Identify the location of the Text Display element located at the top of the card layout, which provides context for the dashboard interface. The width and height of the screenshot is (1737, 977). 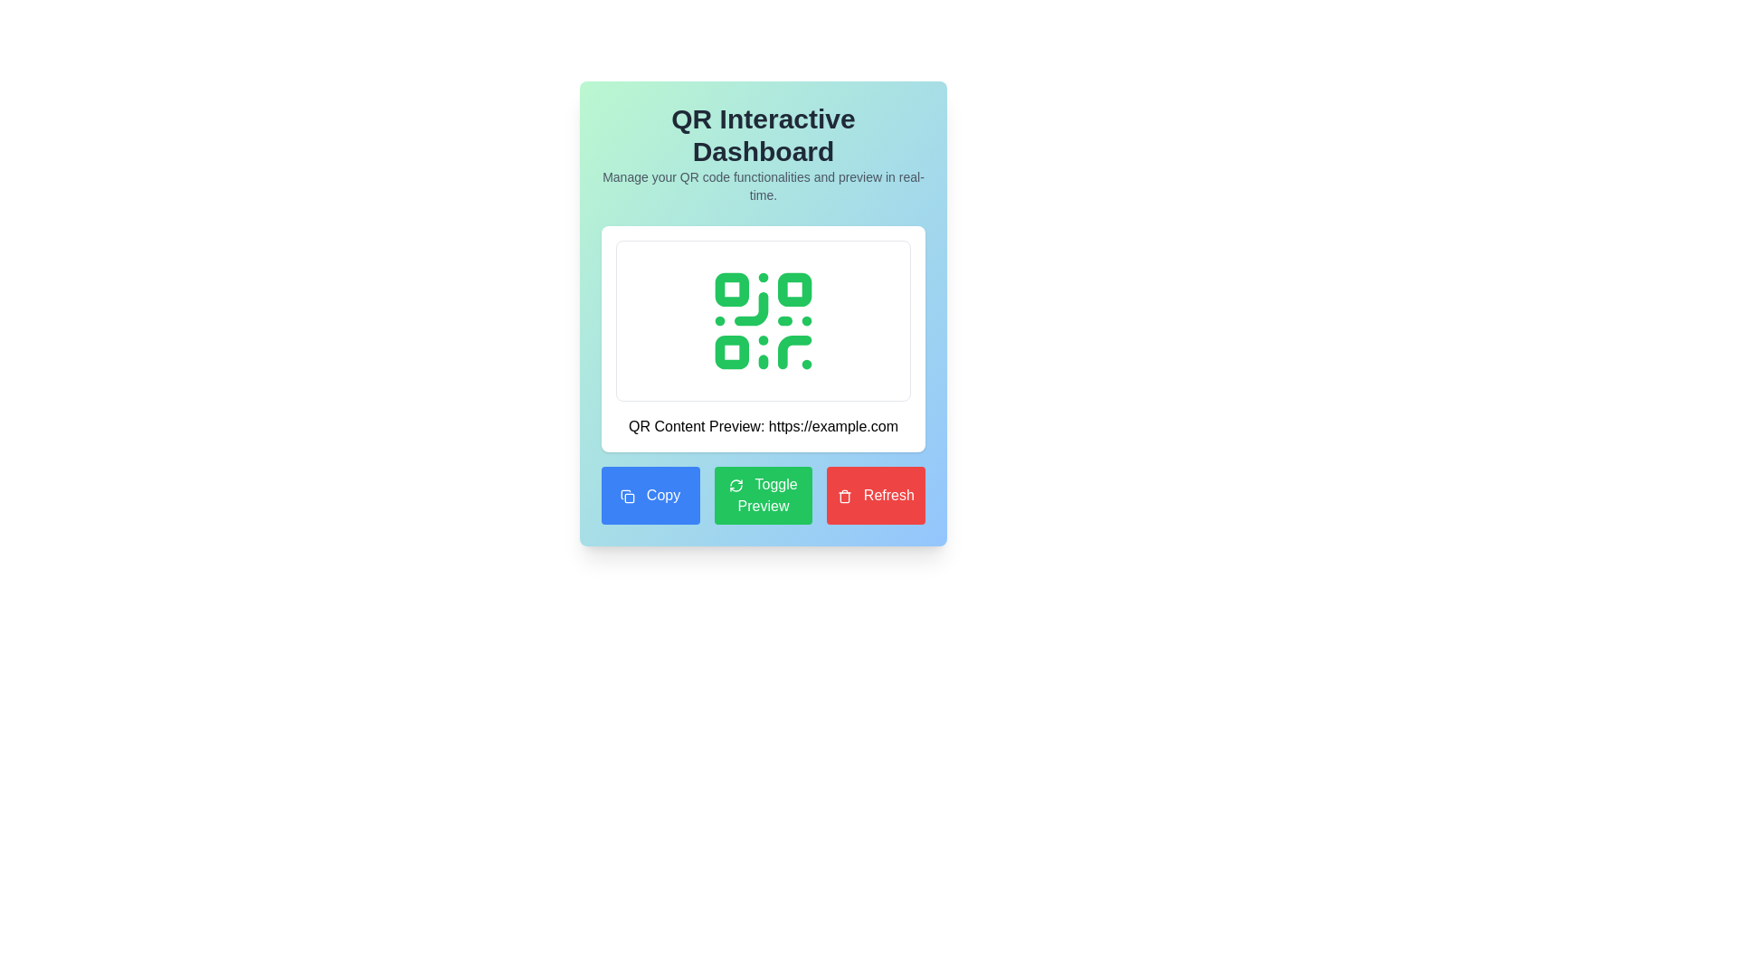
(764, 152).